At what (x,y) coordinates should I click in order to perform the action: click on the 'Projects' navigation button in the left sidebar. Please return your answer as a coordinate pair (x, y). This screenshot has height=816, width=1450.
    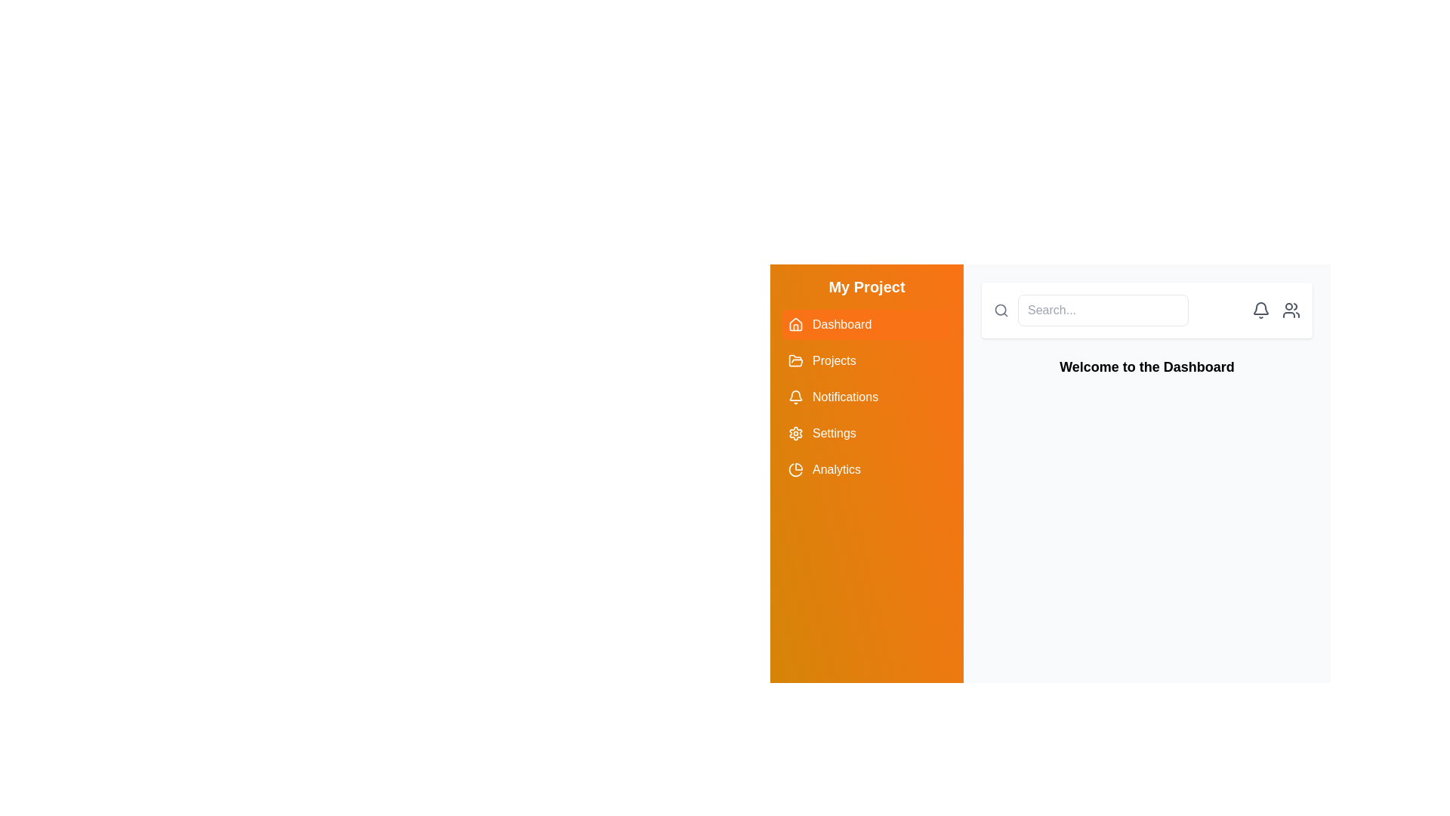
    Looking at the image, I should click on (866, 361).